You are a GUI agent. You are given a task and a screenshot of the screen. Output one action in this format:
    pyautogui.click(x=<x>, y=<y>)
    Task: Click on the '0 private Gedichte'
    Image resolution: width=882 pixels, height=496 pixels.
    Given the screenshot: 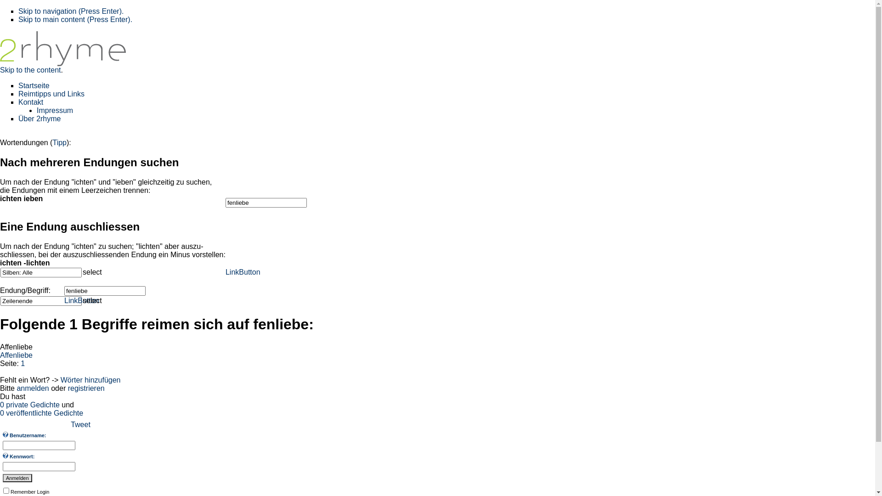 What is the action you would take?
    pyautogui.click(x=30, y=404)
    